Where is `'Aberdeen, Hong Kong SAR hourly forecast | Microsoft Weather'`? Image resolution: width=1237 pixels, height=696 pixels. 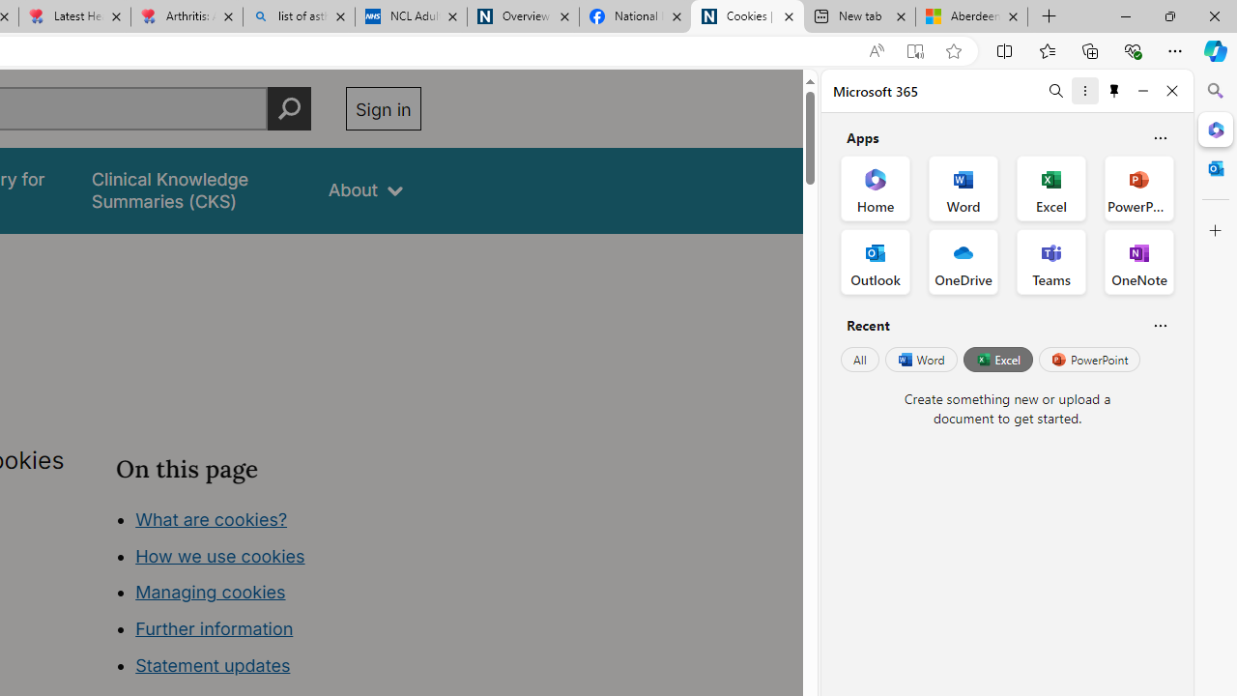
'Aberdeen, Hong Kong SAR hourly forecast | Microsoft Weather' is located at coordinates (972, 16).